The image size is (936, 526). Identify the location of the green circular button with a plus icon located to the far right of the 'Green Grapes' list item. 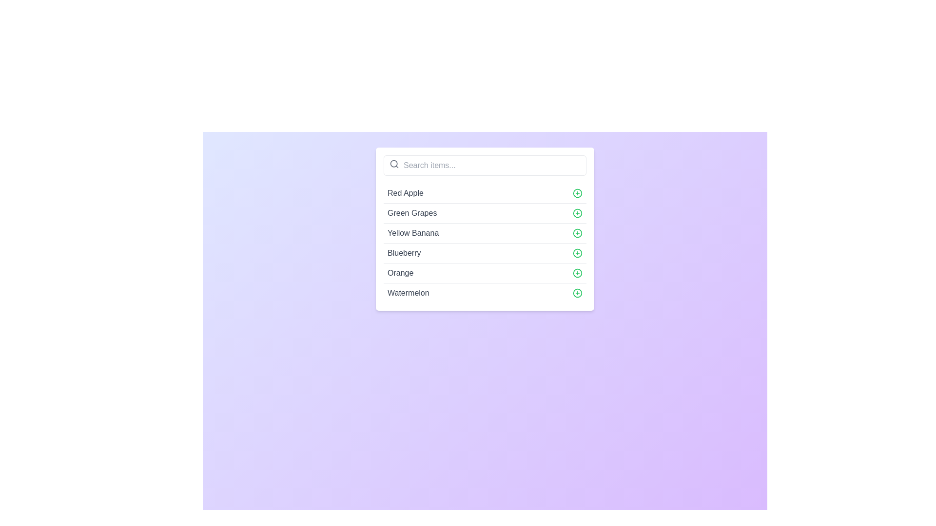
(578, 213).